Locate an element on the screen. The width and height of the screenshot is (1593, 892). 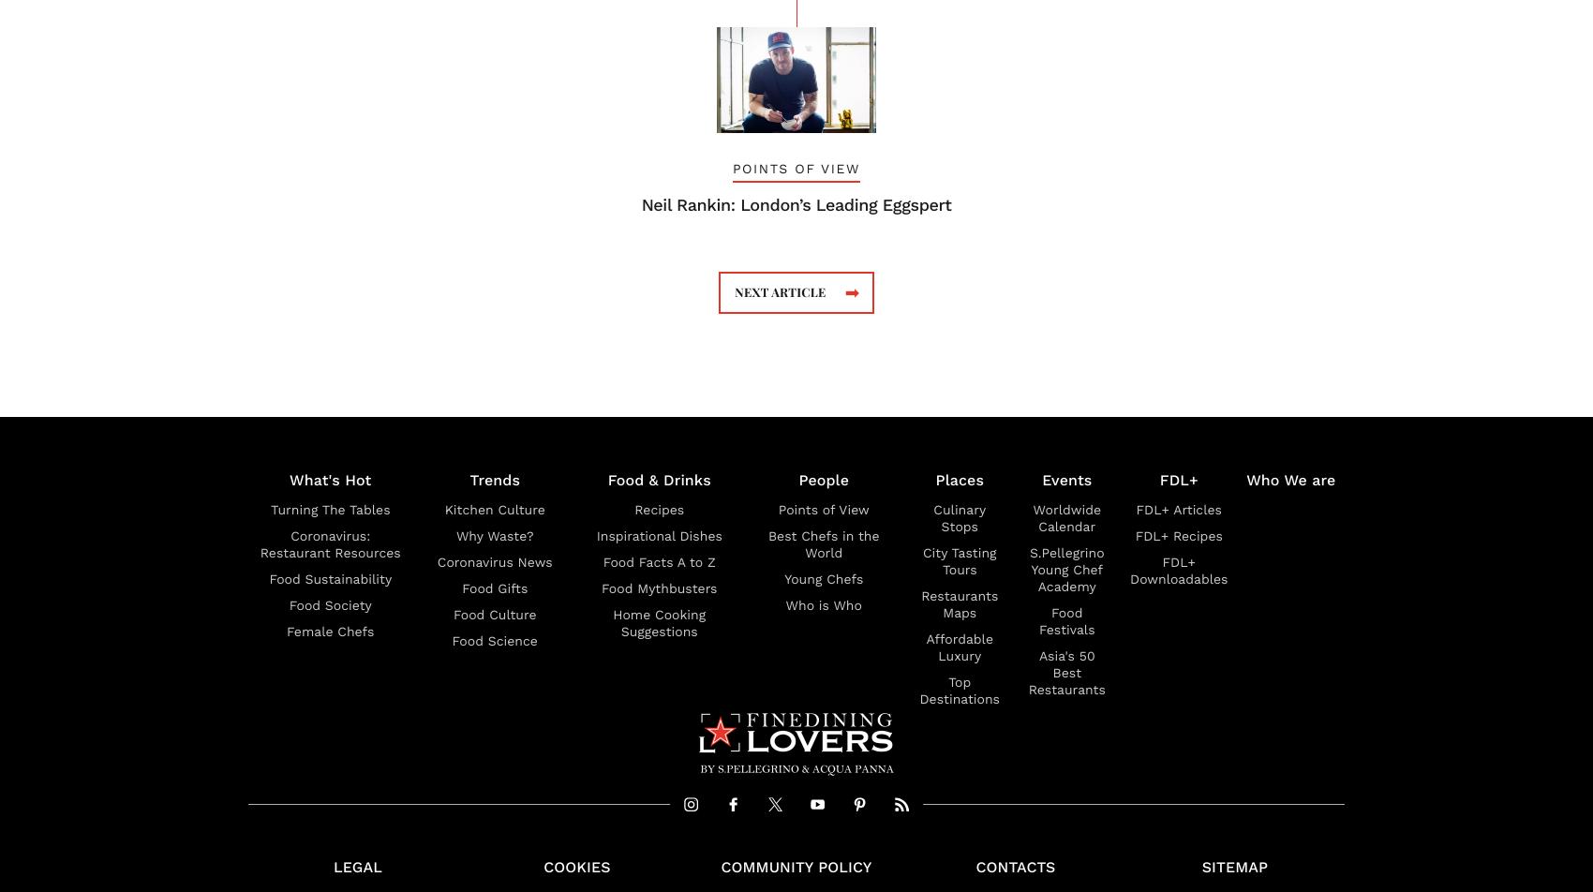
'Affordable Luxury' is located at coordinates (958, 647).